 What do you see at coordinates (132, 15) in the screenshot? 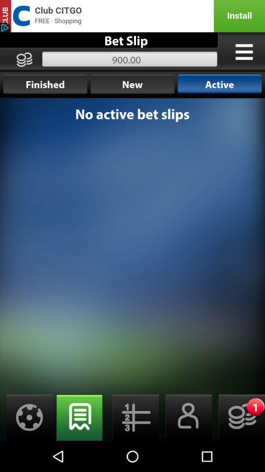
I see `advertising site` at bounding box center [132, 15].